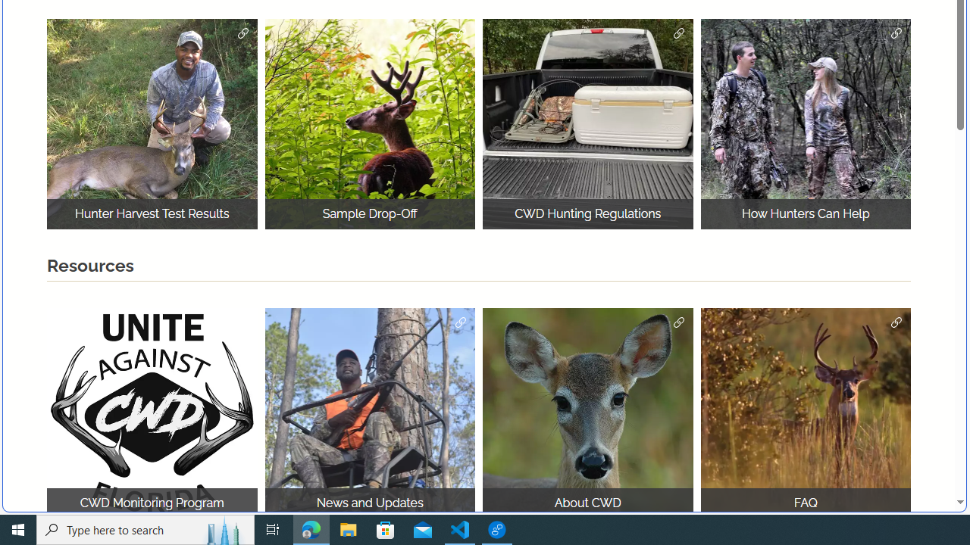  Describe the element at coordinates (805, 123) in the screenshot. I see `'How Hunters Can Help Joe Budd WMA'` at that location.